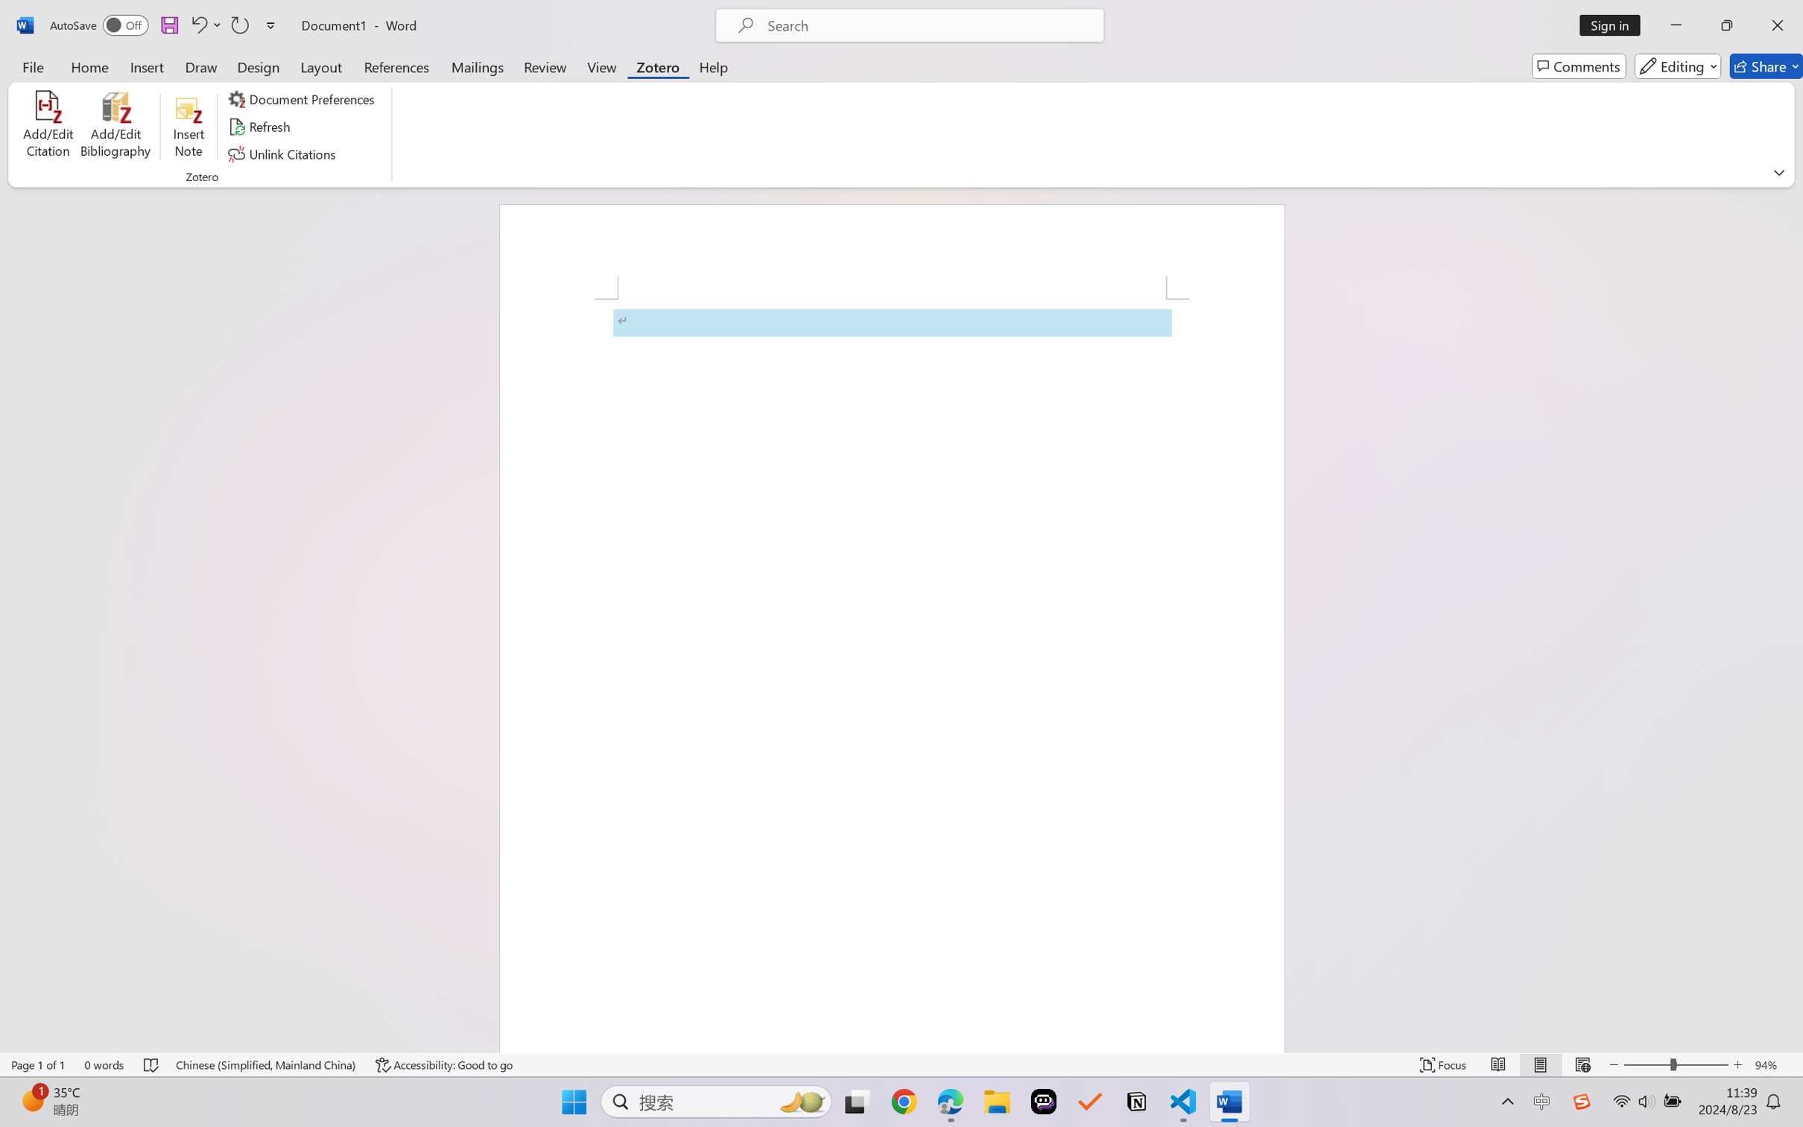 This screenshot has height=1127, width=1803. I want to click on 'Add/Edit Citation', so click(48, 127).